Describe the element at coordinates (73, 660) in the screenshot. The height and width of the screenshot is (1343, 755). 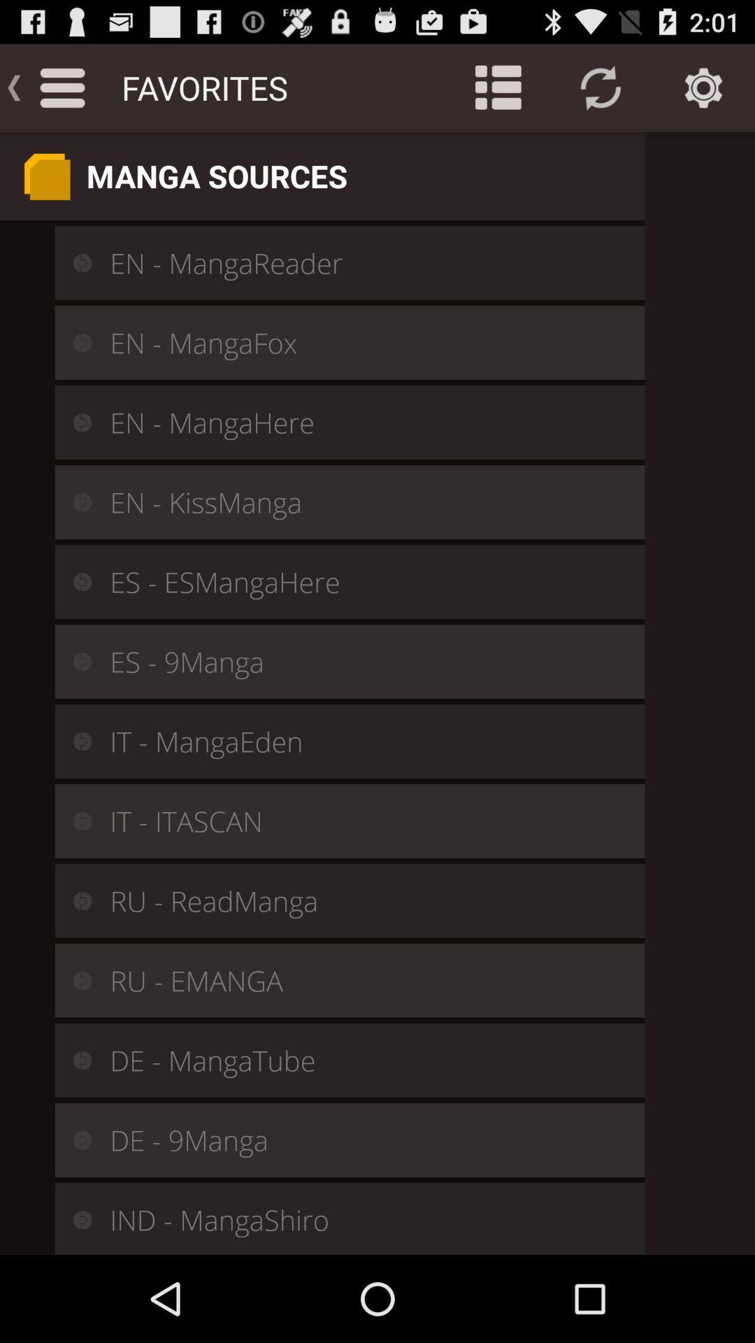
I see `the icon left to es  9manga` at that location.